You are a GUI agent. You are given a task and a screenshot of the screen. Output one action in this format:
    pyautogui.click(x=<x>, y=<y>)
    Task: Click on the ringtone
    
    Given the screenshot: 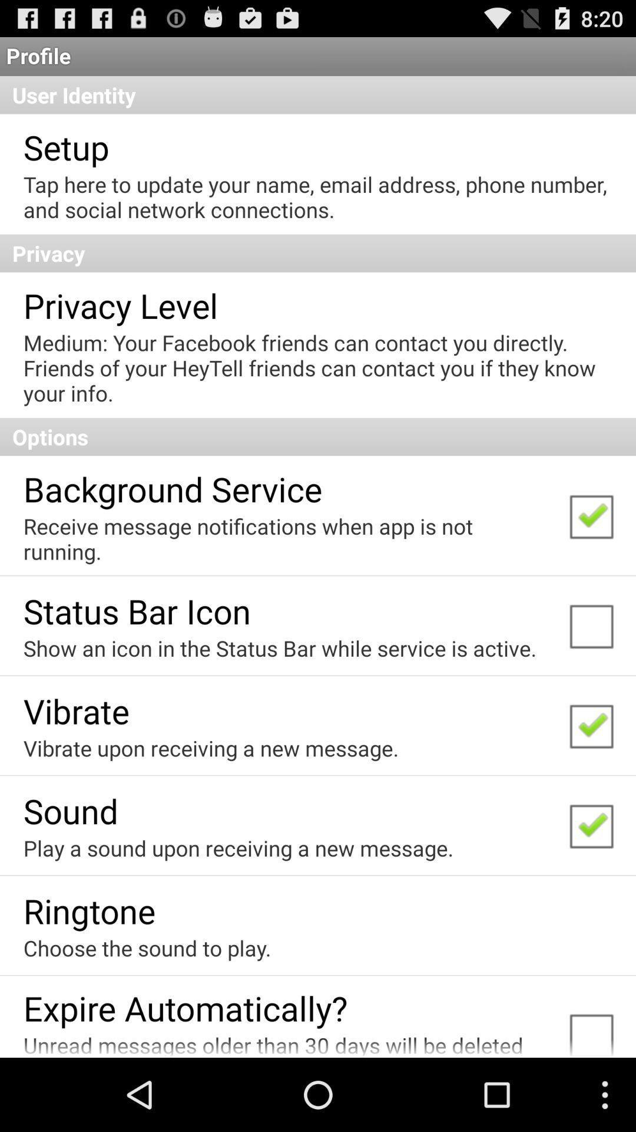 What is the action you would take?
    pyautogui.click(x=88, y=910)
    